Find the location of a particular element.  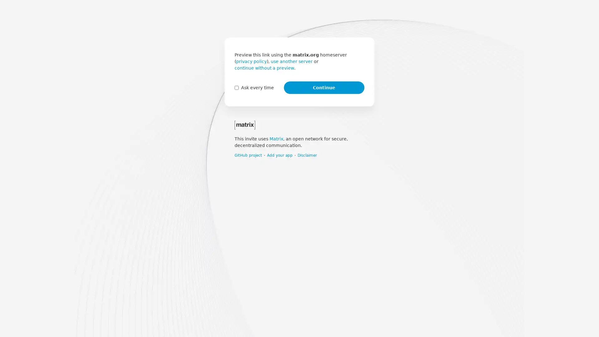

use another server is located at coordinates (291, 61).